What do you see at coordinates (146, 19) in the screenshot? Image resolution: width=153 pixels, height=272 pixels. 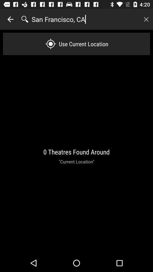 I see `the item at the top right corner` at bounding box center [146, 19].